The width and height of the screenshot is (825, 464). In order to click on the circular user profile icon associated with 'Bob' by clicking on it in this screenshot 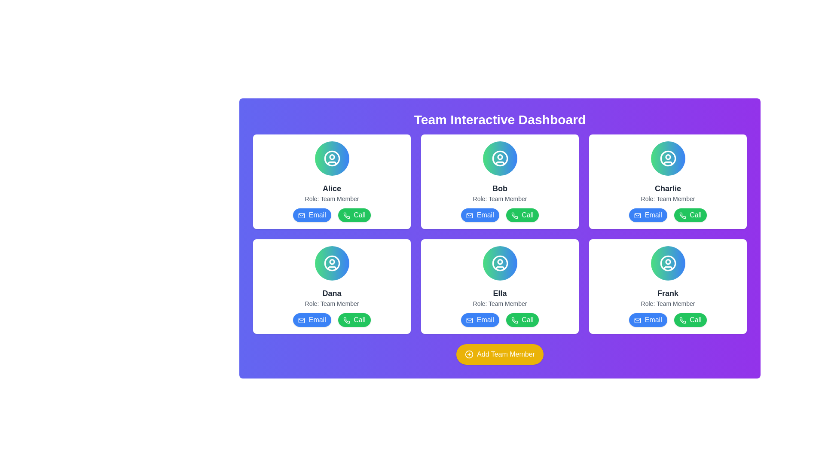, I will do `click(500, 157)`.